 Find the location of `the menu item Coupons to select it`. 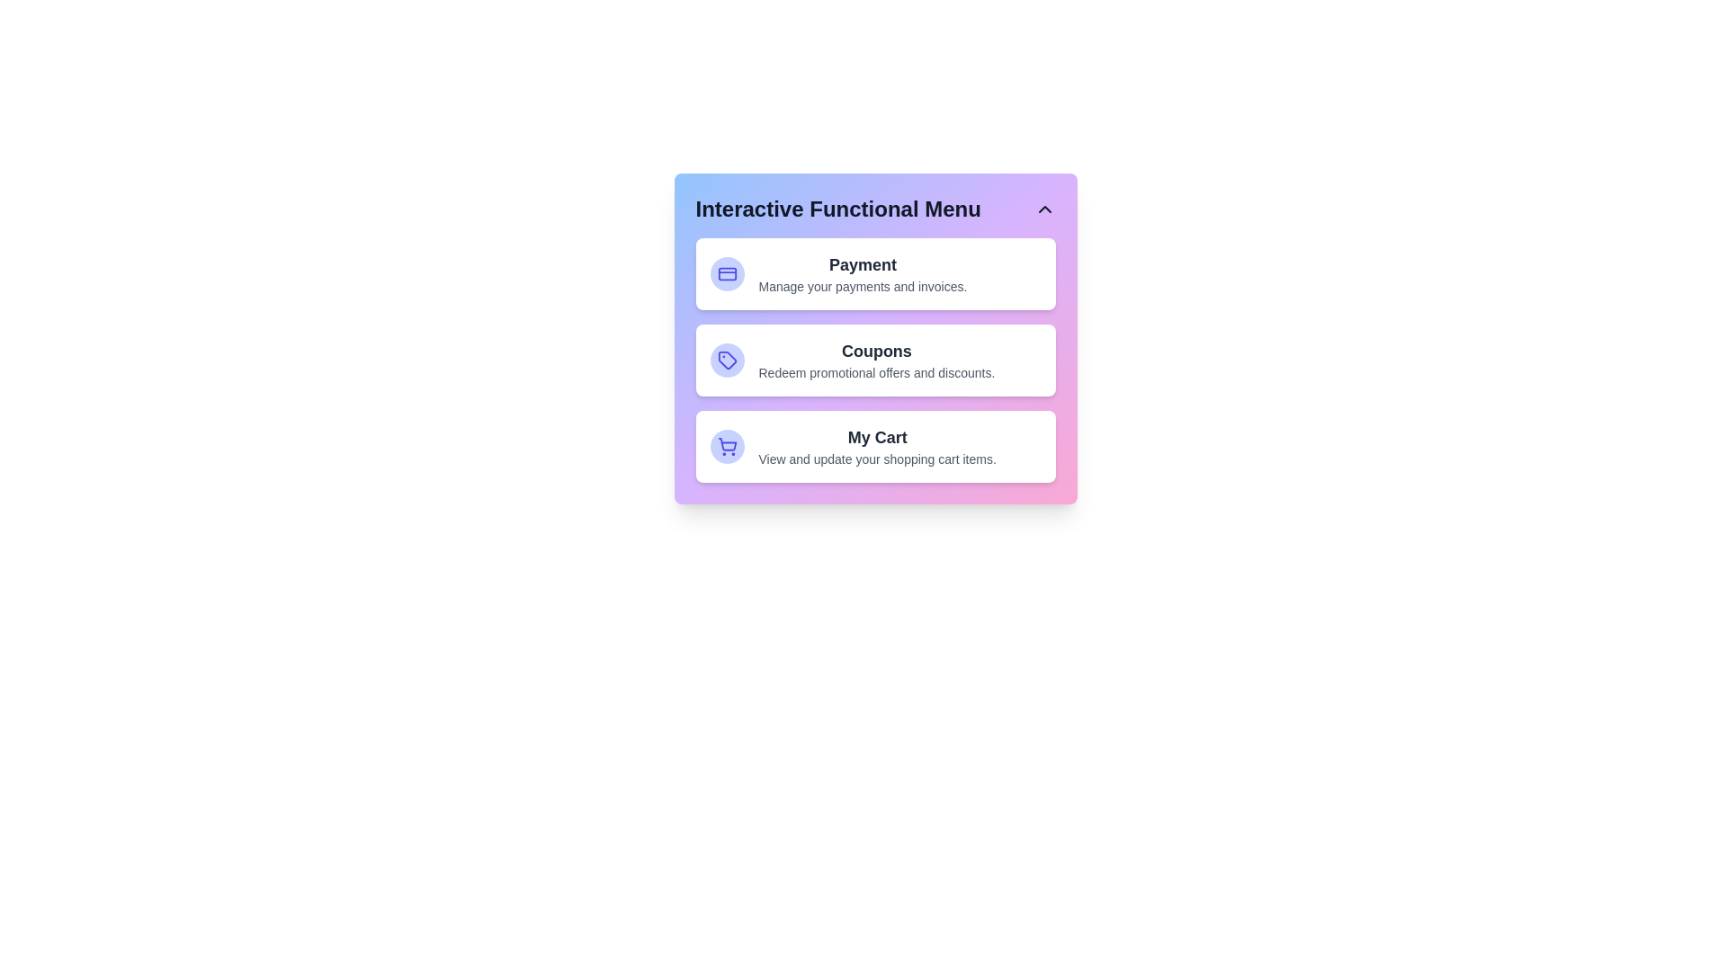

the menu item Coupons to select it is located at coordinates (875, 361).